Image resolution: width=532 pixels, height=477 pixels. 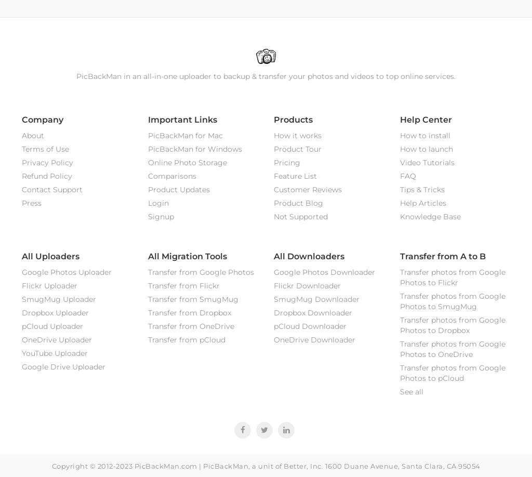 I want to click on 'OneDrive Downloader', so click(x=314, y=339).